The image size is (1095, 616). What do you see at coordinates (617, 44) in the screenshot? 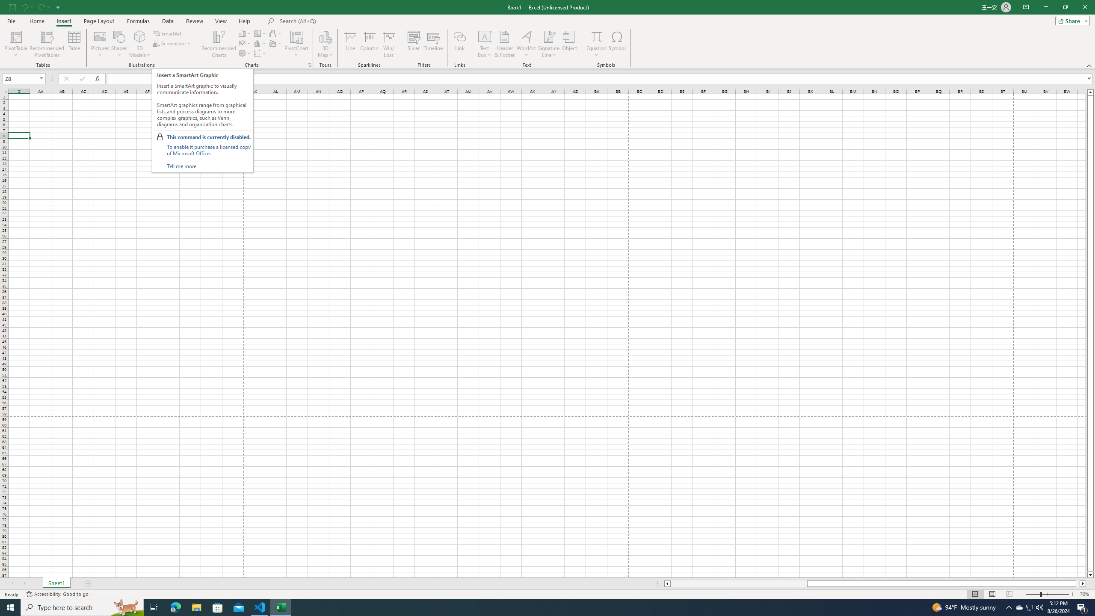
I see `'Symbol...'` at bounding box center [617, 44].